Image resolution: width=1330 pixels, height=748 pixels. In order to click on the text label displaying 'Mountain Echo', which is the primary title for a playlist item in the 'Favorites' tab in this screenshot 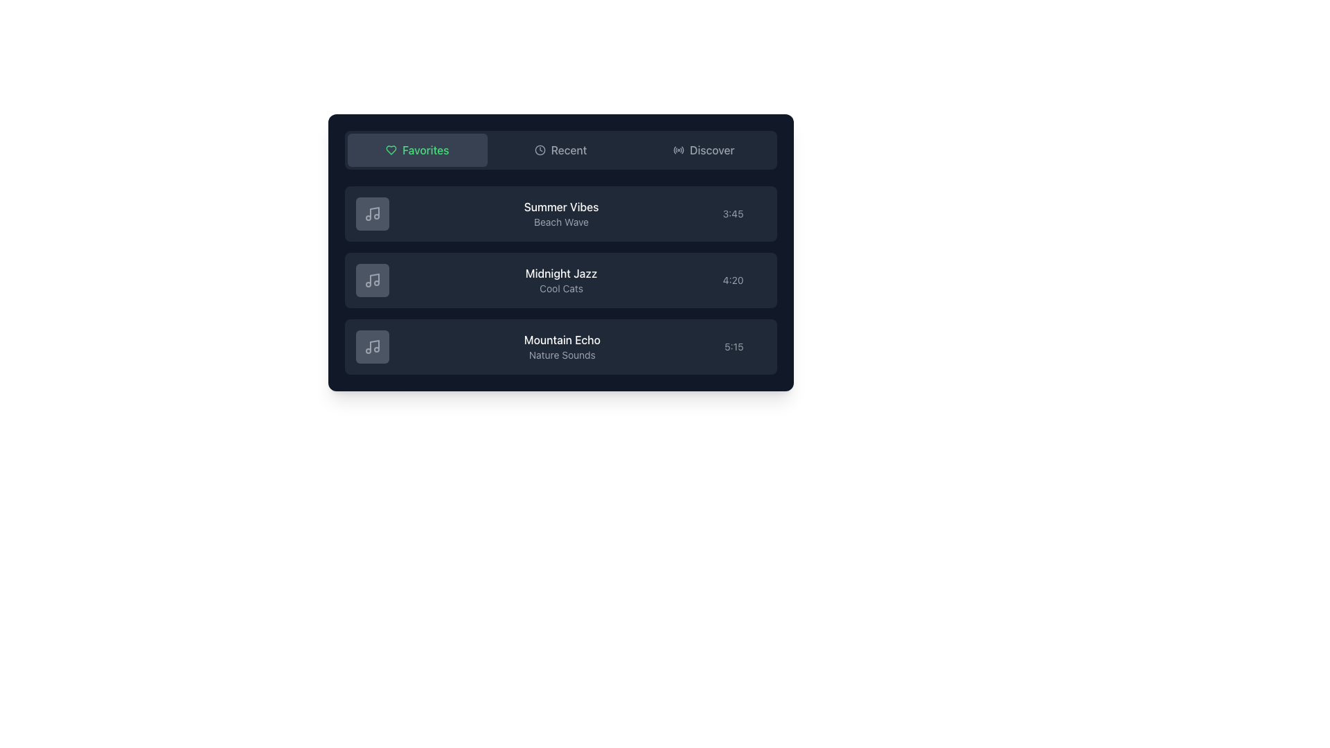, I will do `click(562, 339)`.